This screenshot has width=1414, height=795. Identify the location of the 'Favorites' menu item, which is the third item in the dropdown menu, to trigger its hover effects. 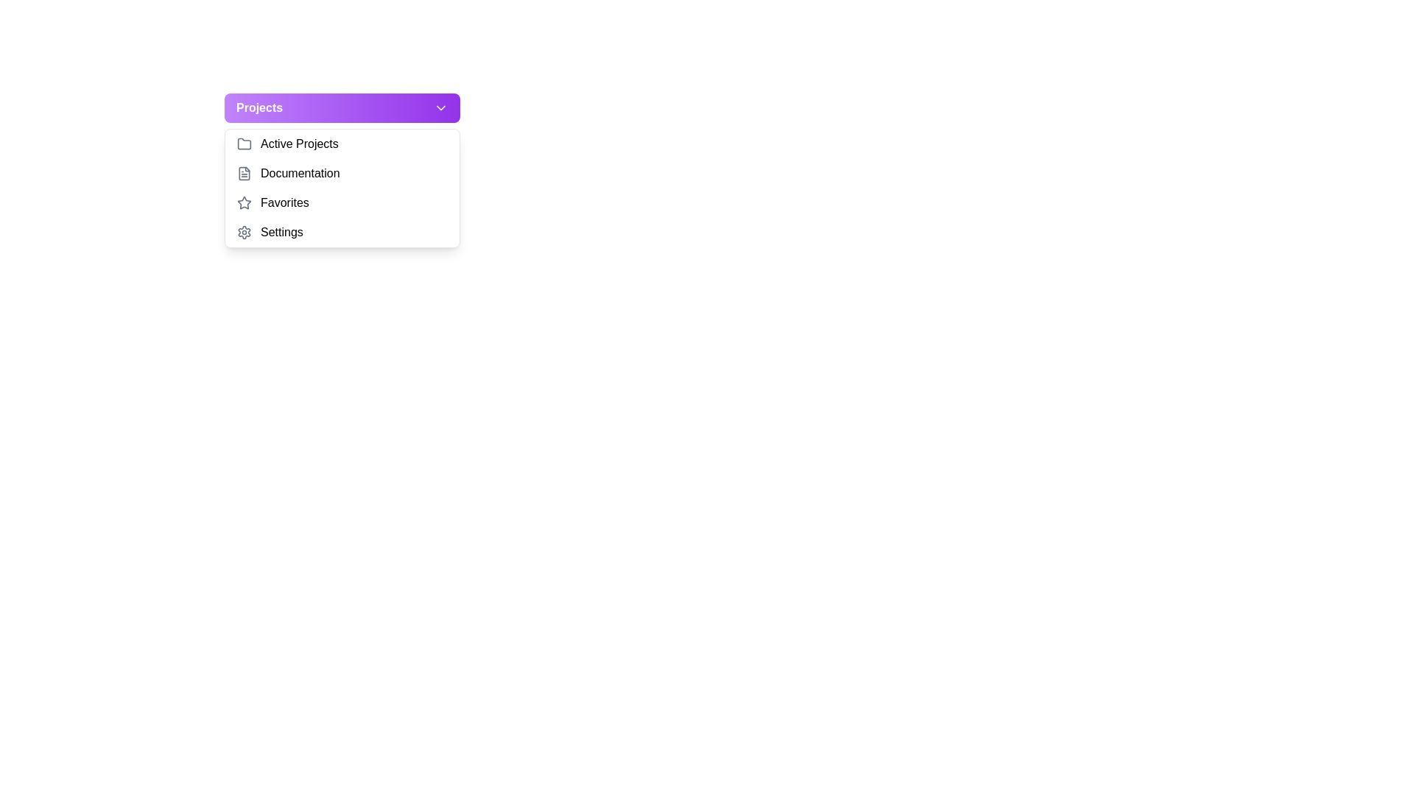
(342, 203).